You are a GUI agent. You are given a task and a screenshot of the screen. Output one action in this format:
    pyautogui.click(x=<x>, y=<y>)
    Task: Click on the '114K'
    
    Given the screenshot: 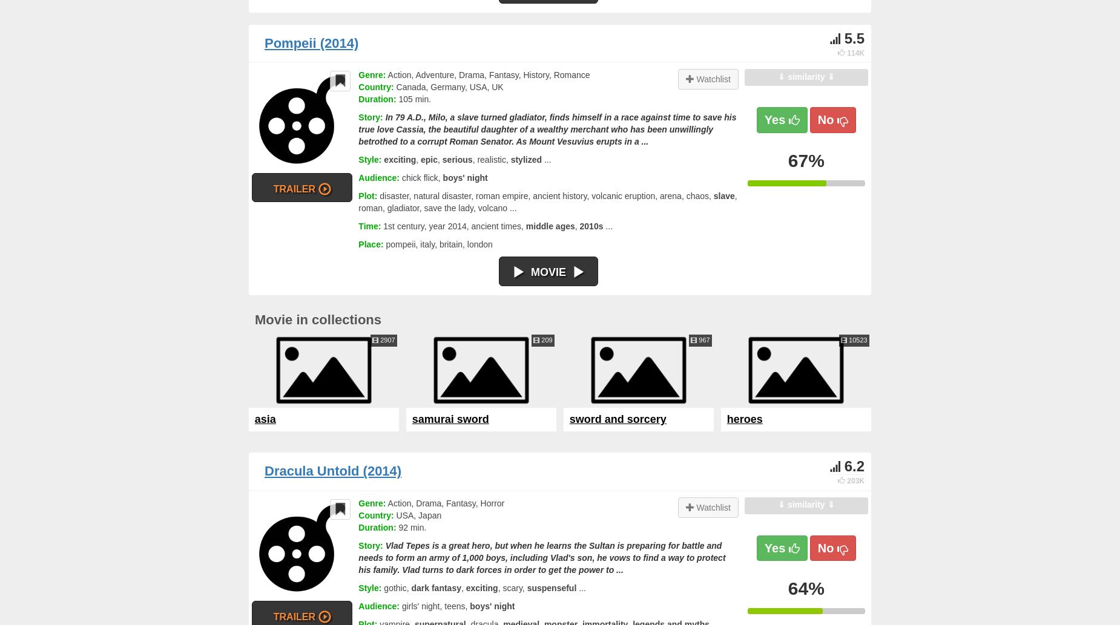 What is the action you would take?
    pyautogui.click(x=846, y=52)
    